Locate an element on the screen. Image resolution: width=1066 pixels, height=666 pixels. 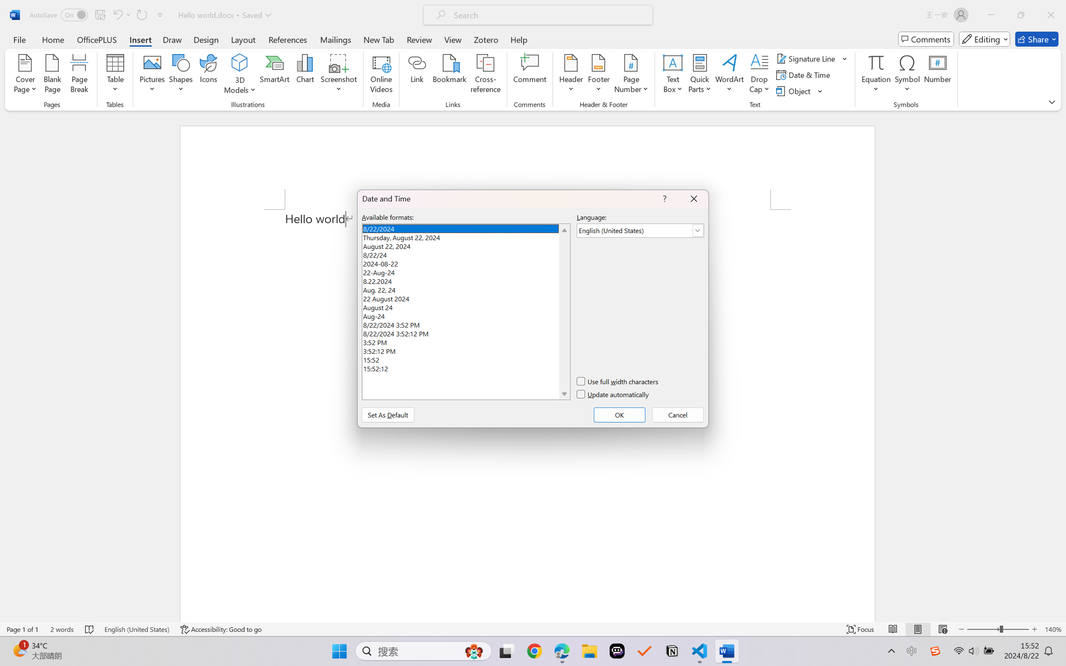
'Save' is located at coordinates (100, 15).